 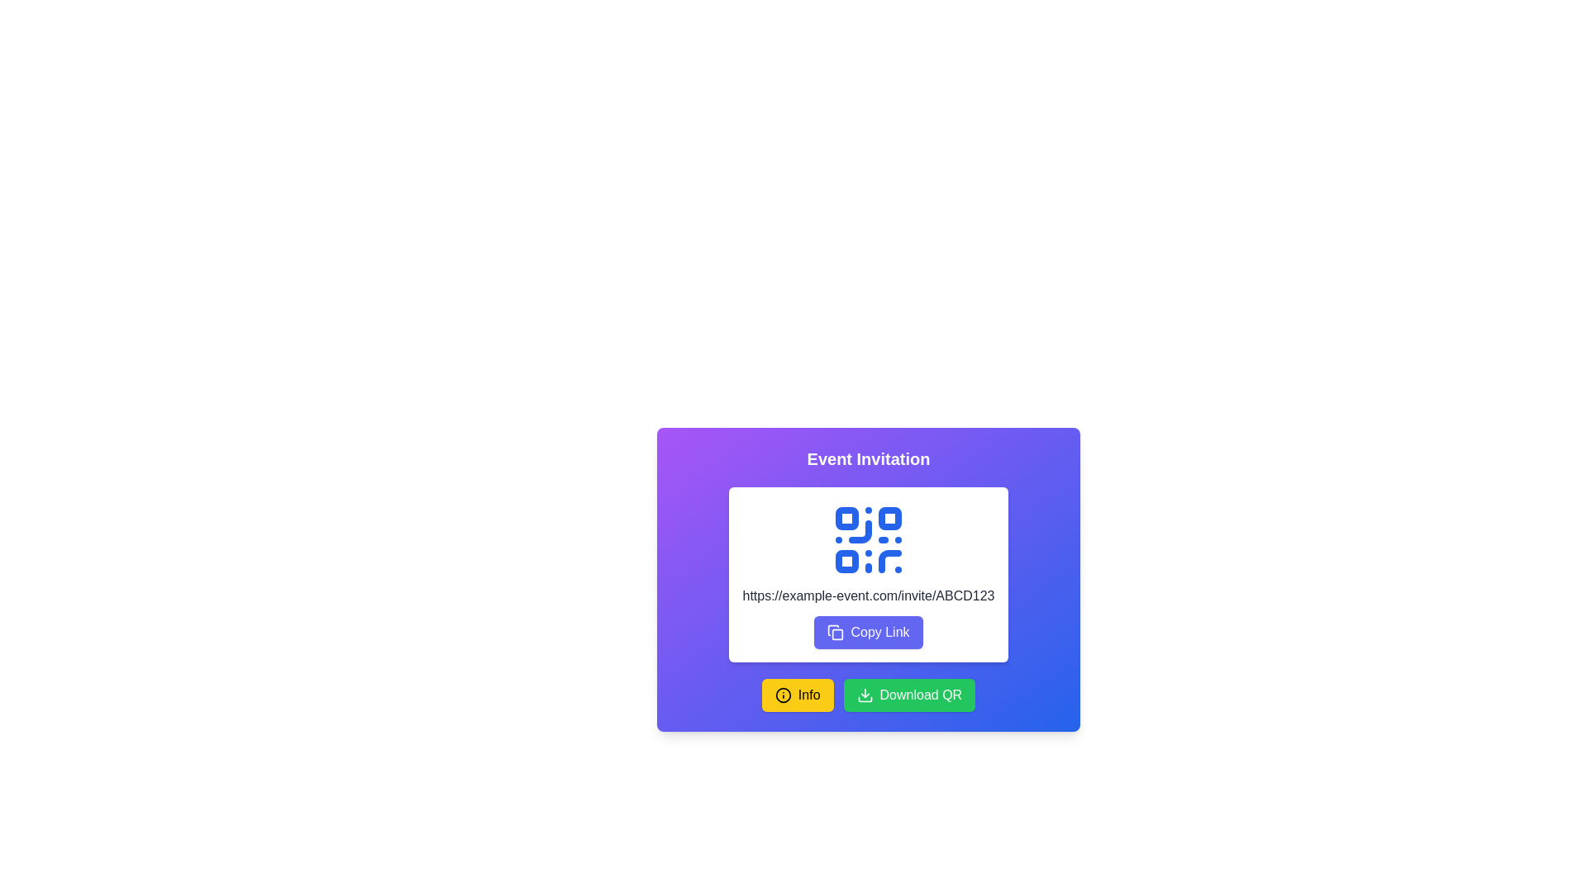 What do you see at coordinates (797, 695) in the screenshot?
I see `the first button located horizontally at the bottom of the modal, which is to the left of the green 'Download QR' button` at bounding box center [797, 695].